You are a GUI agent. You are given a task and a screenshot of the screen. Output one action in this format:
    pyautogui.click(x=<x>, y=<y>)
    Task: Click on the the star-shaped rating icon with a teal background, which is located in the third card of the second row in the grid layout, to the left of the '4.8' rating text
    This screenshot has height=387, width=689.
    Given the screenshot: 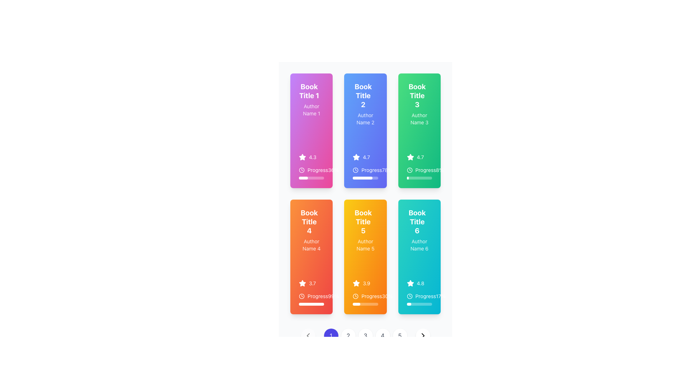 What is the action you would take?
    pyautogui.click(x=410, y=283)
    